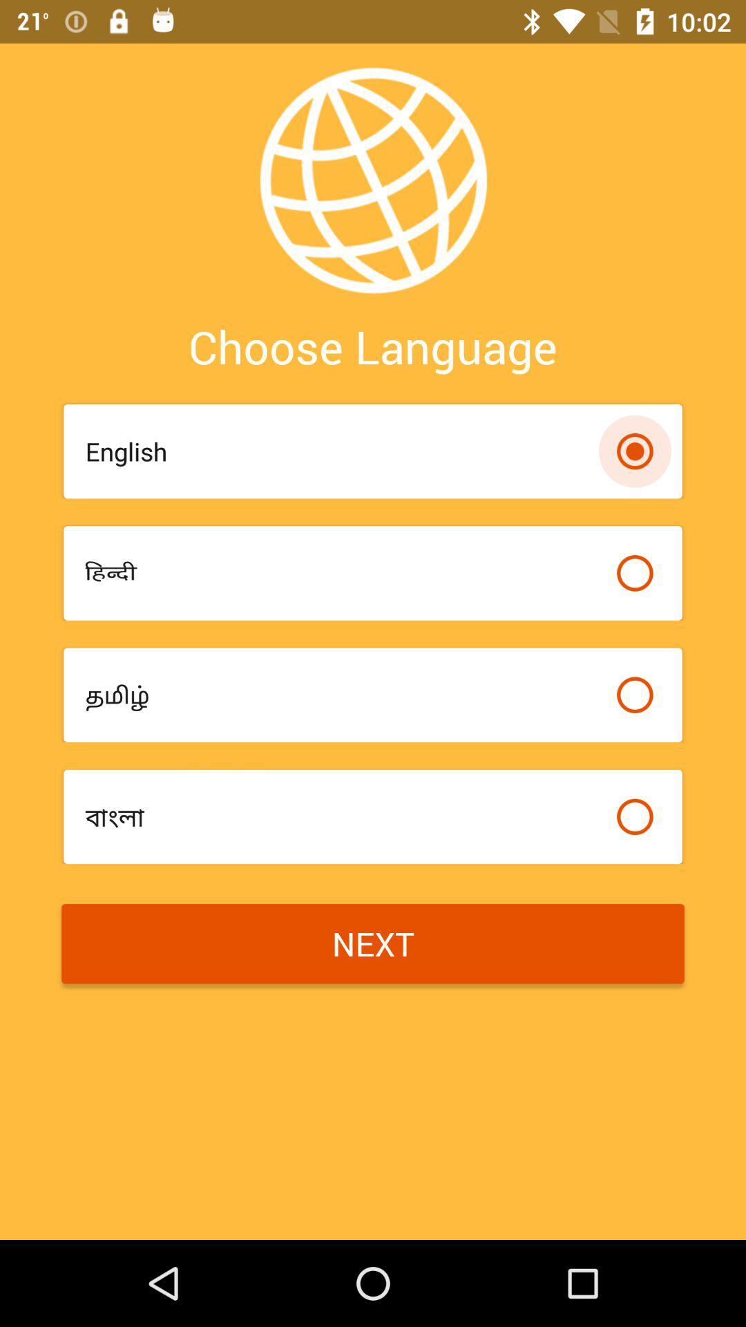 The width and height of the screenshot is (746, 1327). Describe the element at coordinates (635, 573) in the screenshot. I see `language` at that location.